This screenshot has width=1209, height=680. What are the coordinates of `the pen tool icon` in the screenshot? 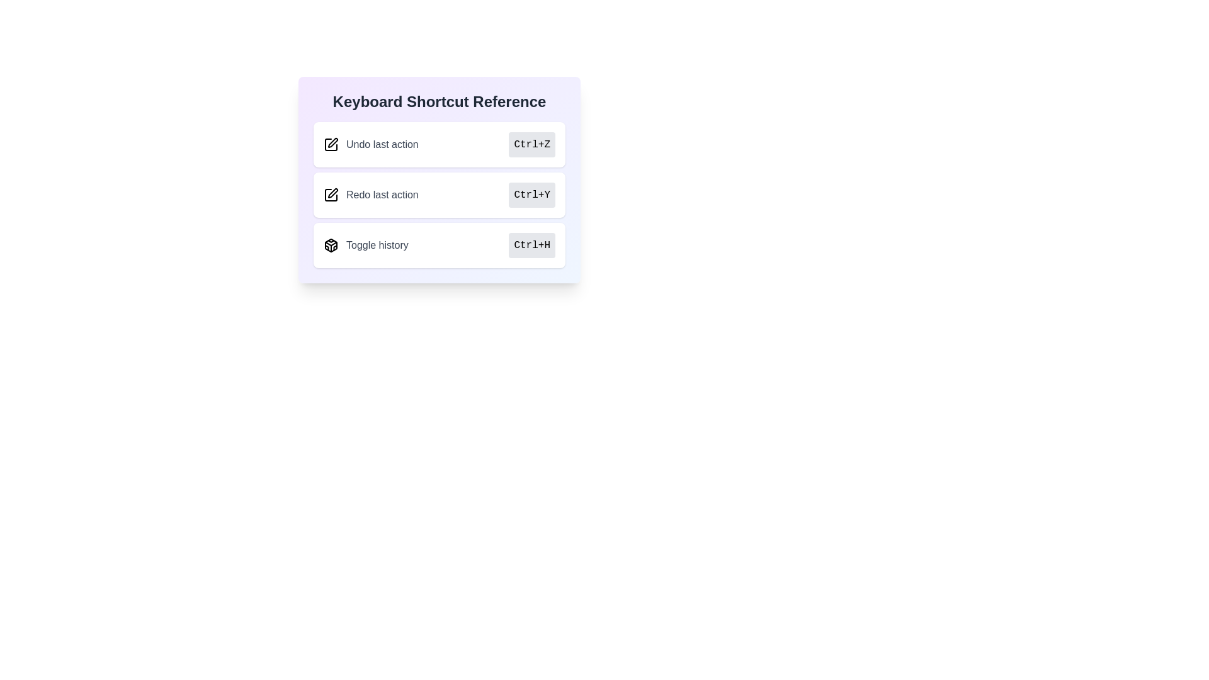 It's located at (332, 142).